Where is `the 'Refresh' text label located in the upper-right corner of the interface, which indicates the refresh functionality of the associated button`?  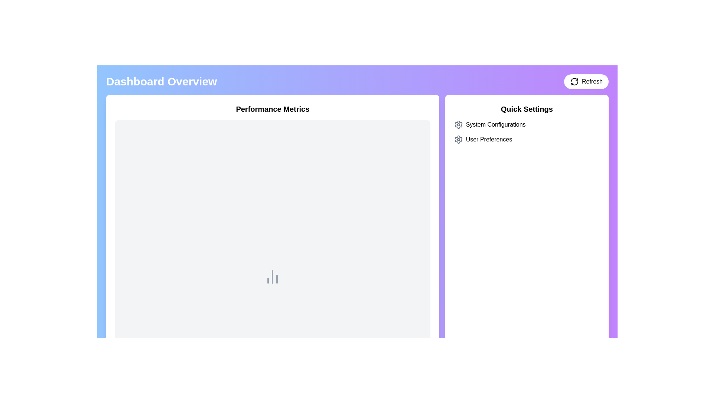 the 'Refresh' text label located in the upper-right corner of the interface, which indicates the refresh functionality of the associated button is located at coordinates (592, 81).